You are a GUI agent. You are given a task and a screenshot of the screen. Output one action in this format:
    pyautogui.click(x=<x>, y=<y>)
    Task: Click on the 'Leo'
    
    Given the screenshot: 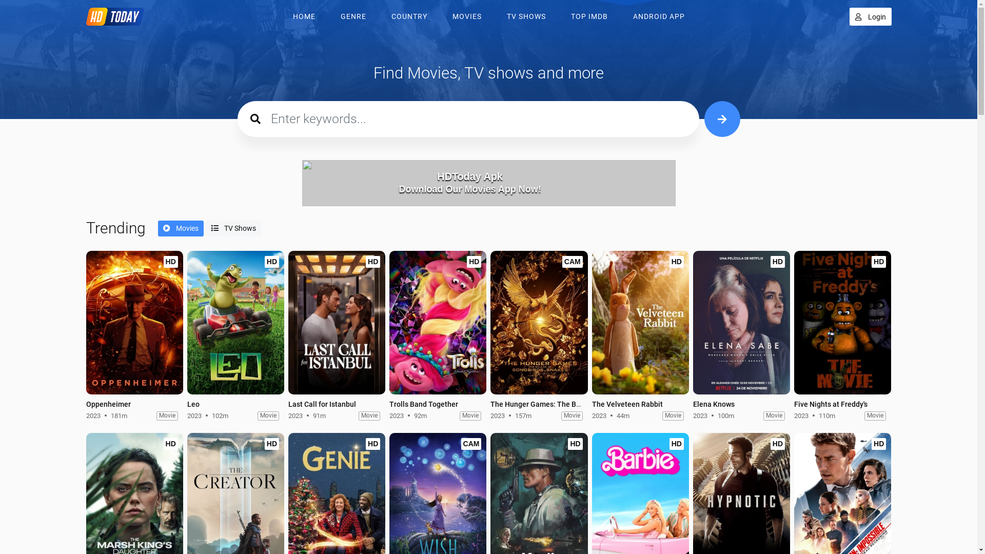 What is the action you would take?
    pyautogui.click(x=193, y=403)
    